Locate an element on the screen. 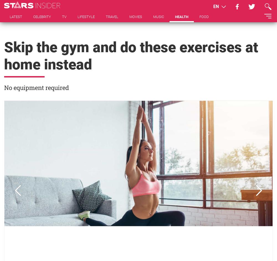  'MOVIES' is located at coordinates (135, 16).